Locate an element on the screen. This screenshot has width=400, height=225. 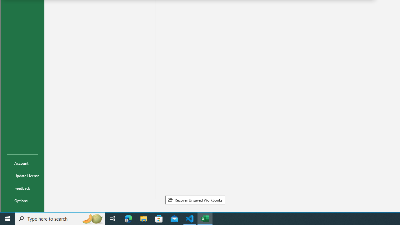
'Search highlights icon opens search home window' is located at coordinates (92, 218).